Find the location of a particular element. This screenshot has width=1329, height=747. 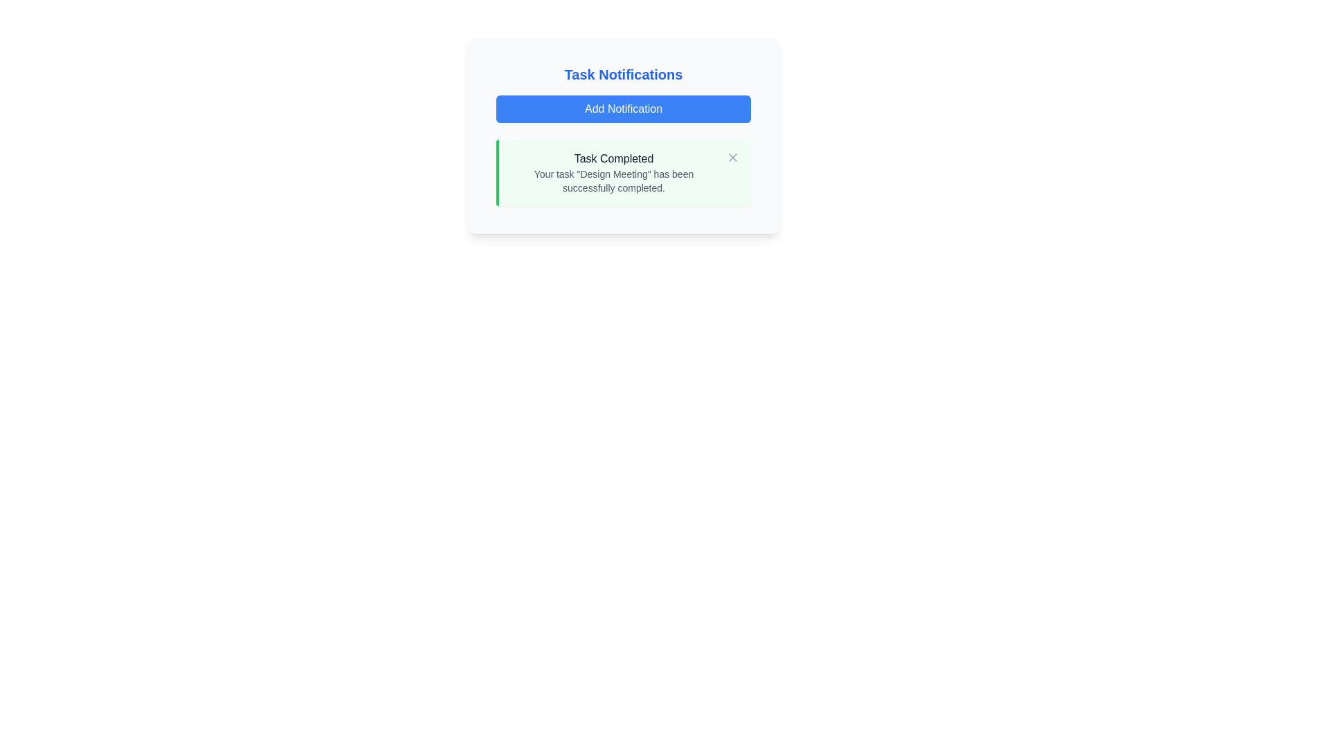

the title text label that indicates a successfully completed task, located at the top of the notification card is located at coordinates (613, 158).